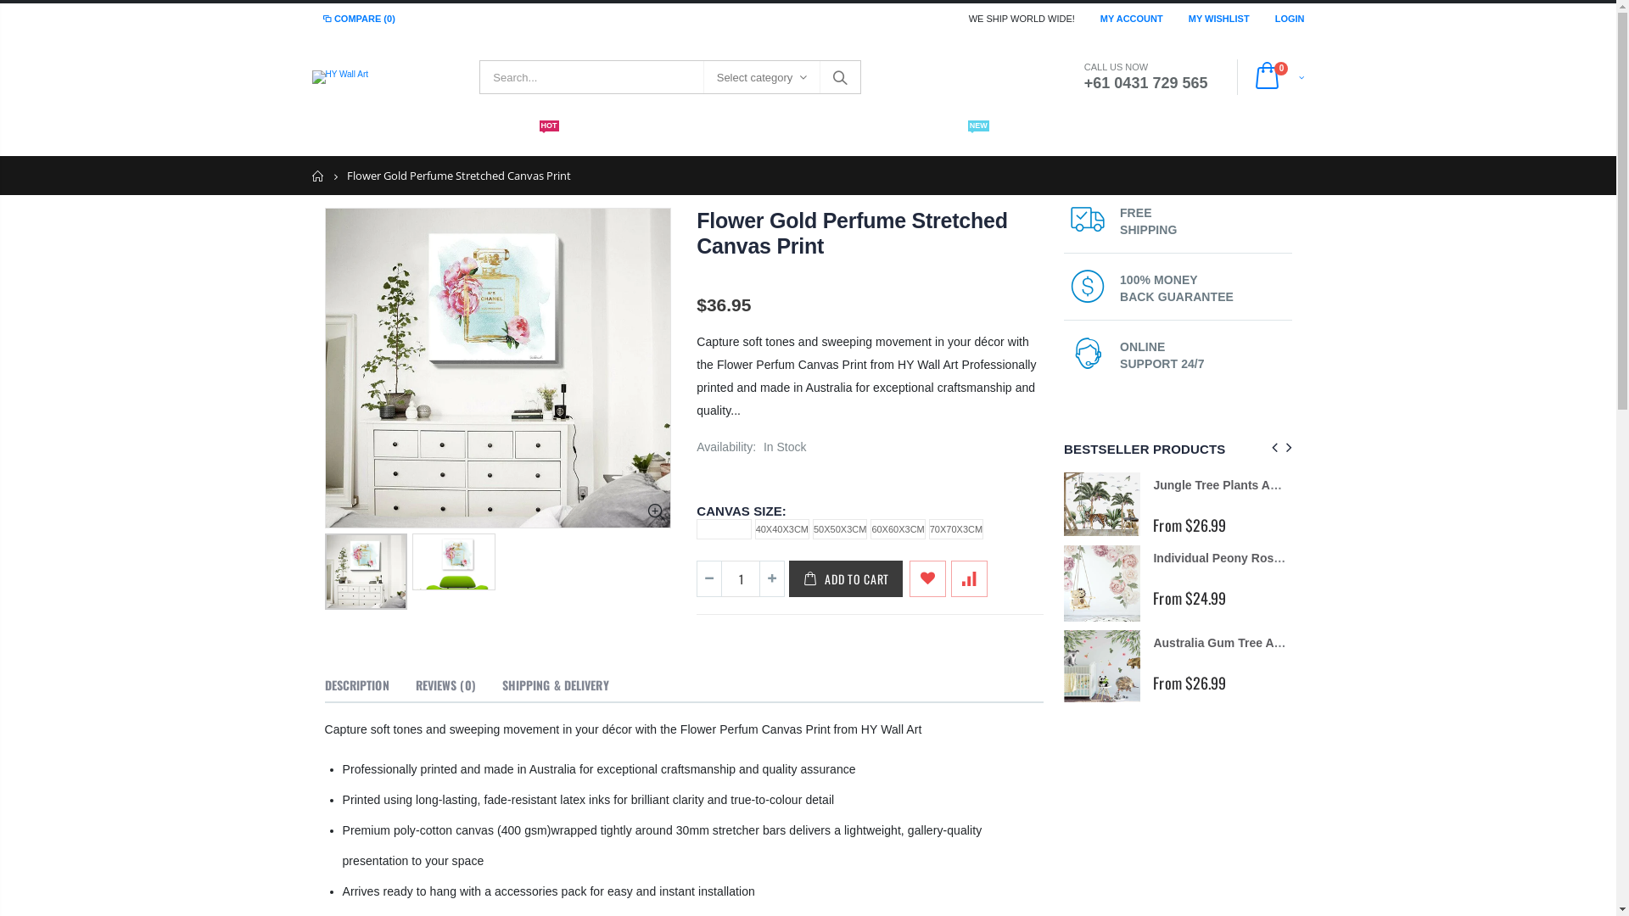 This screenshot has width=1629, height=916. What do you see at coordinates (943, 137) in the screenshot?
I see `'WINDOW FILM` at bounding box center [943, 137].